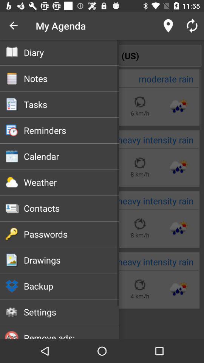 The width and height of the screenshot is (204, 363). What do you see at coordinates (12, 130) in the screenshot?
I see `the fourth icon from the left top of the page` at bounding box center [12, 130].